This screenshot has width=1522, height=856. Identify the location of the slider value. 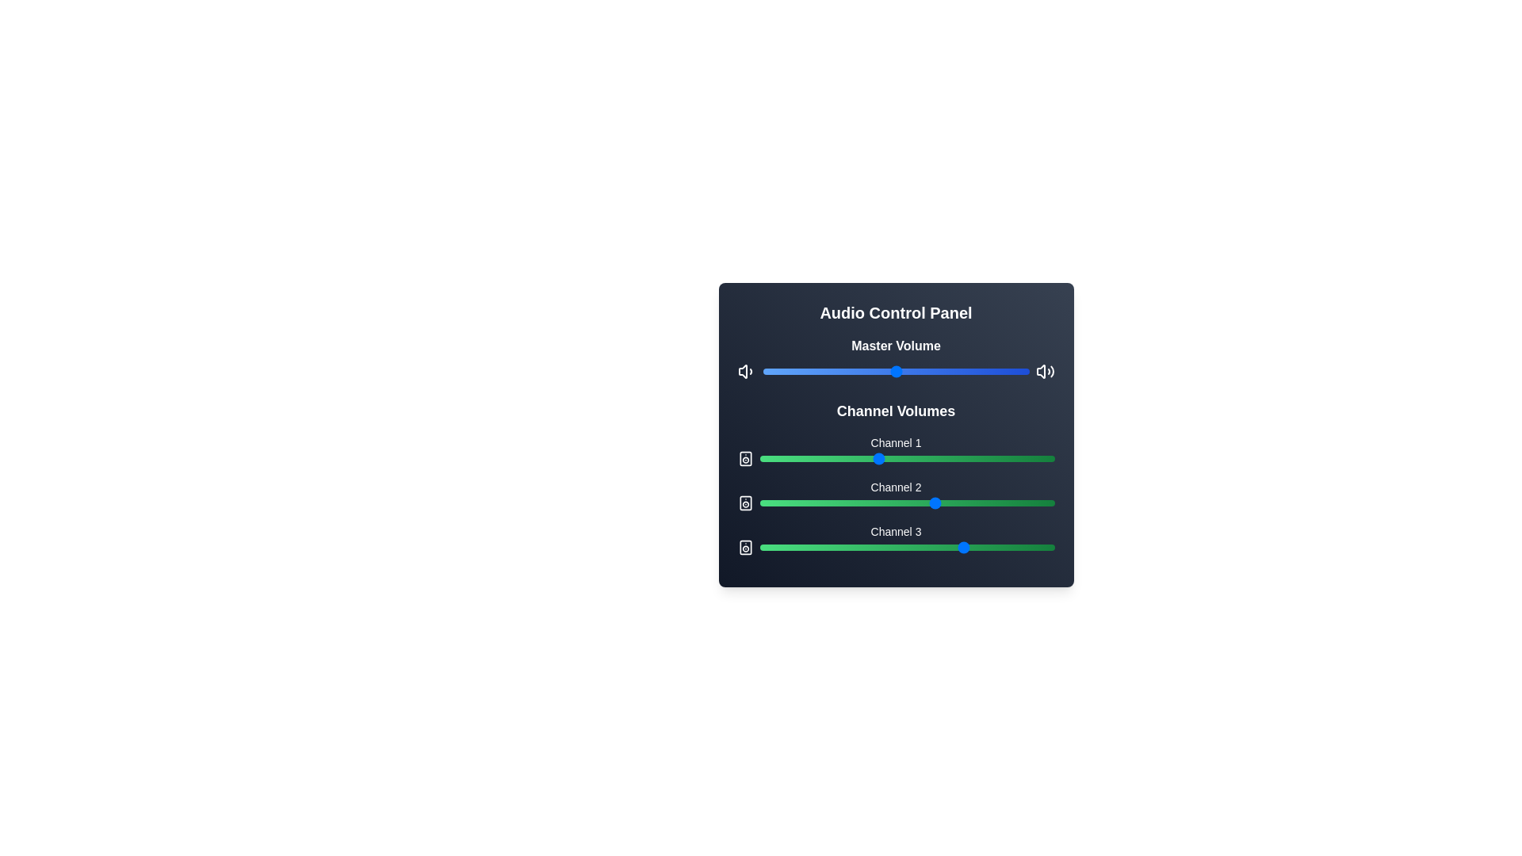
(945, 458).